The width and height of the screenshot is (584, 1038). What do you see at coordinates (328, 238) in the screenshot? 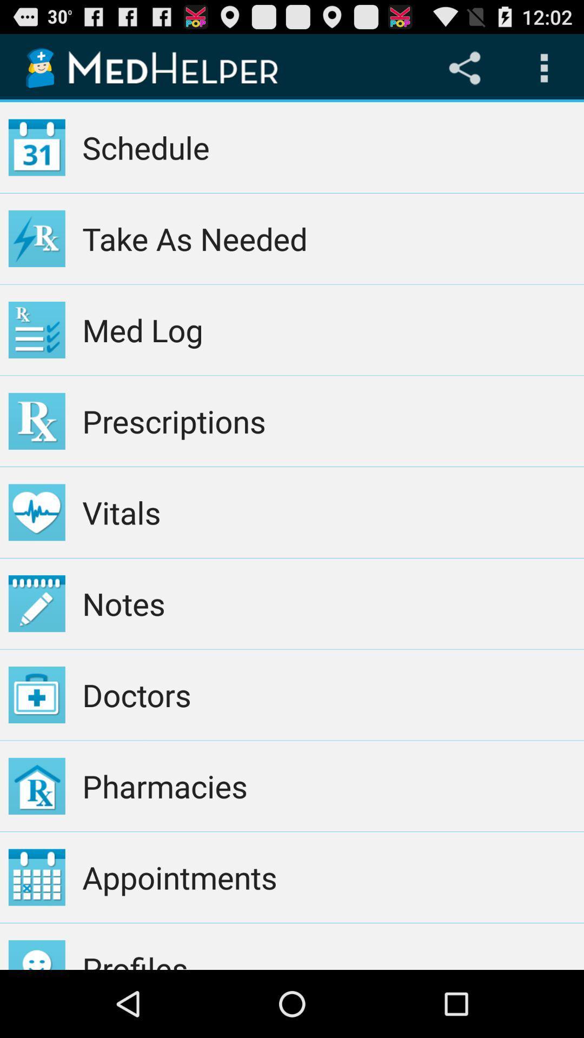
I see `item below schedule app` at bounding box center [328, 238].